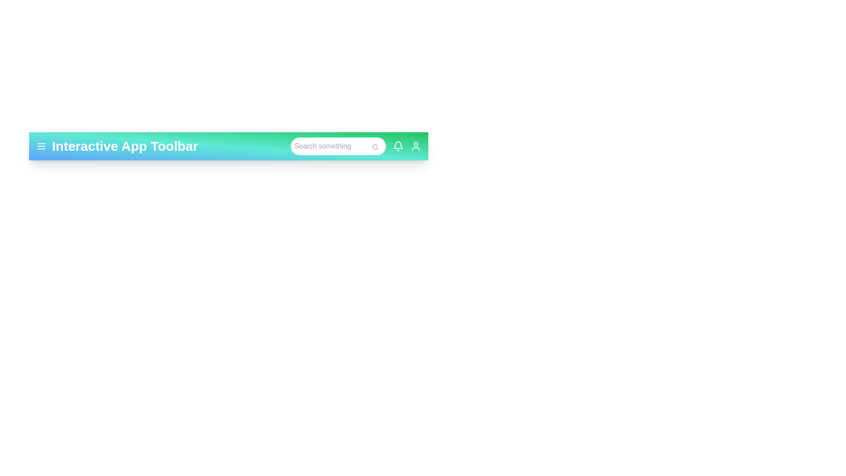 This screenshot has width=846, height=476. I want to click on the menu icon to expand navigation options, so click(41, 145).